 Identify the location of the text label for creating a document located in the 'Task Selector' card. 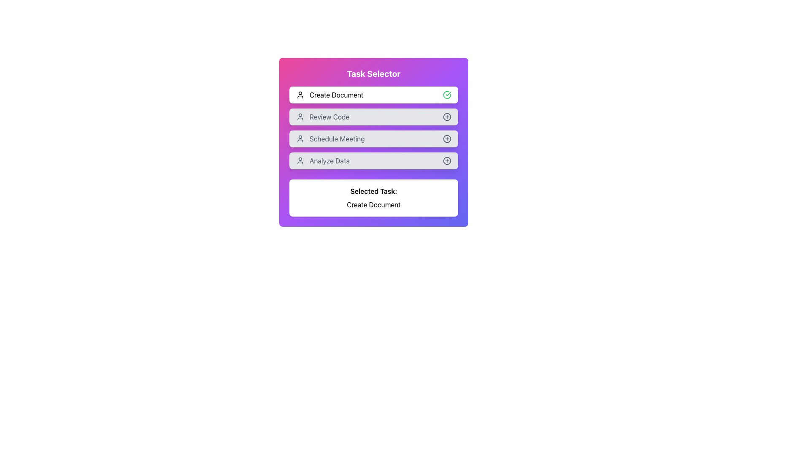
(329, 95).